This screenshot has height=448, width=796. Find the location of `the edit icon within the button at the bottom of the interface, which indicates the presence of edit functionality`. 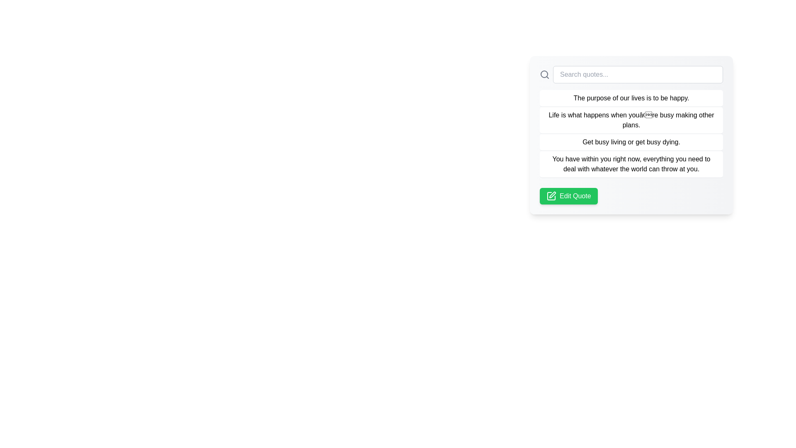

the edit icon within the button at the bottom of the interface, which indicates the presence of edit functionality is located at coordinates (551, 196).